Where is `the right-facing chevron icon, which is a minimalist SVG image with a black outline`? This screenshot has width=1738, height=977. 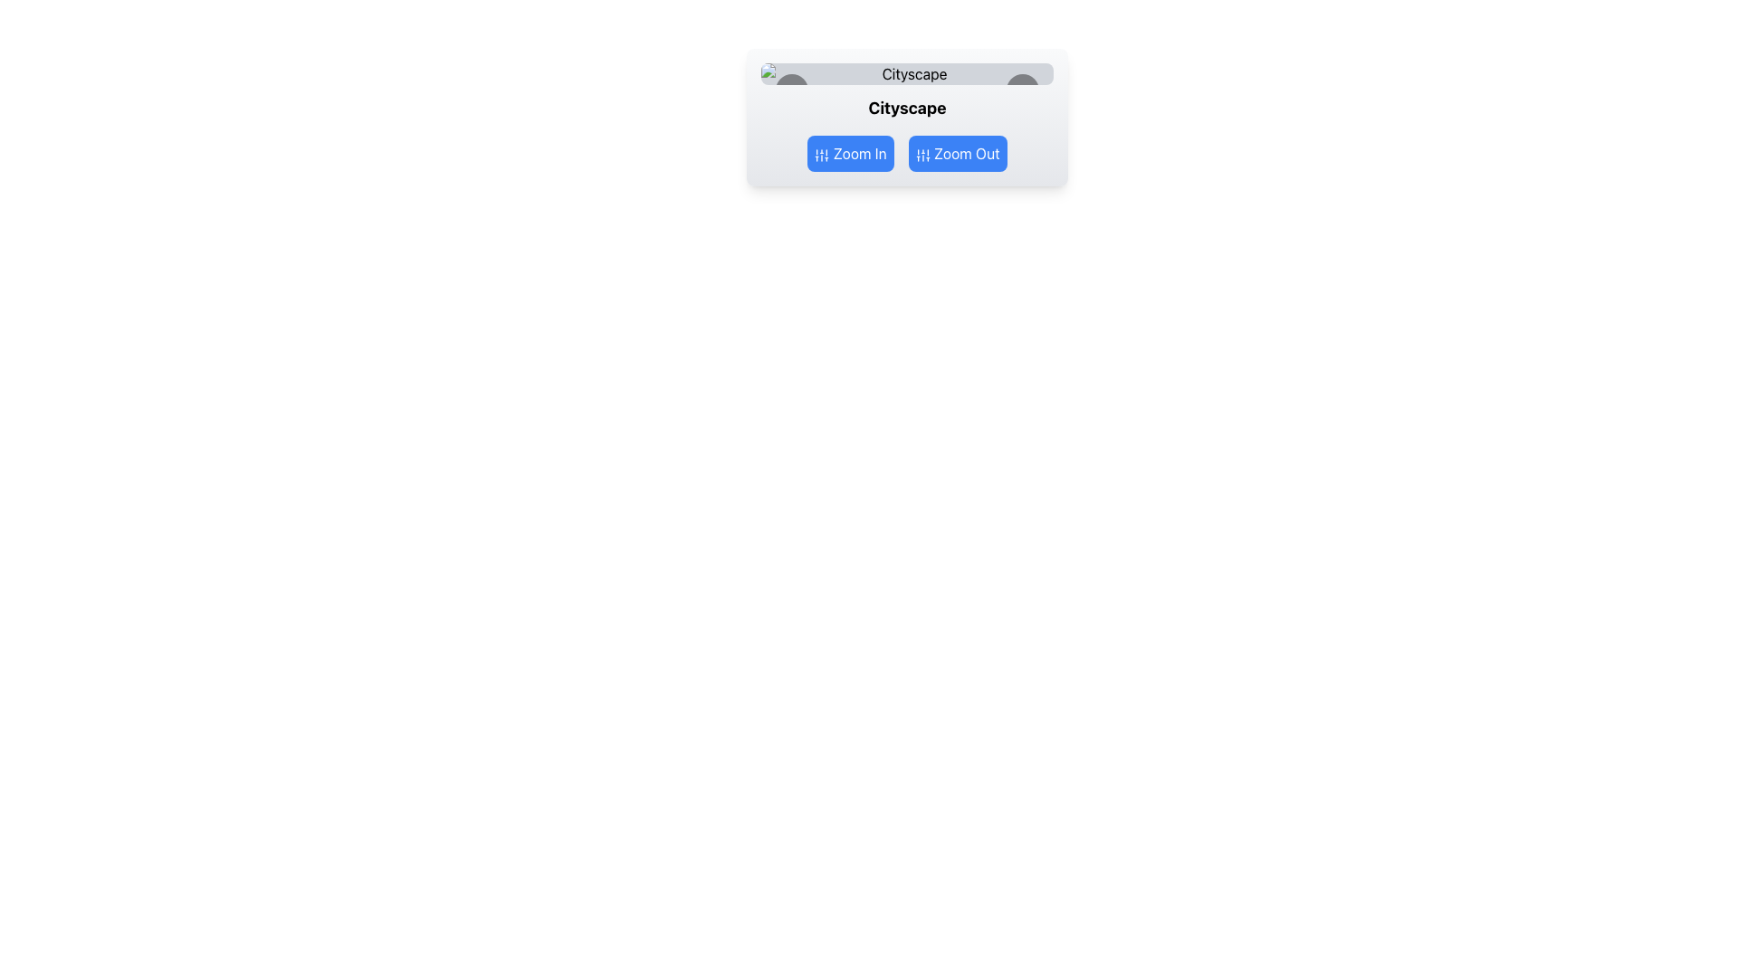
the right-facing chevron icon, which is a minimalist SVG image with a black outline is located at coordinates (1022, 90).